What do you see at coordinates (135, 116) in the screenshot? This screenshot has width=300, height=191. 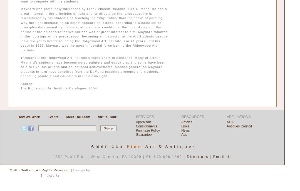 I see `'SERVICES'` at bounding box center [135, 116].